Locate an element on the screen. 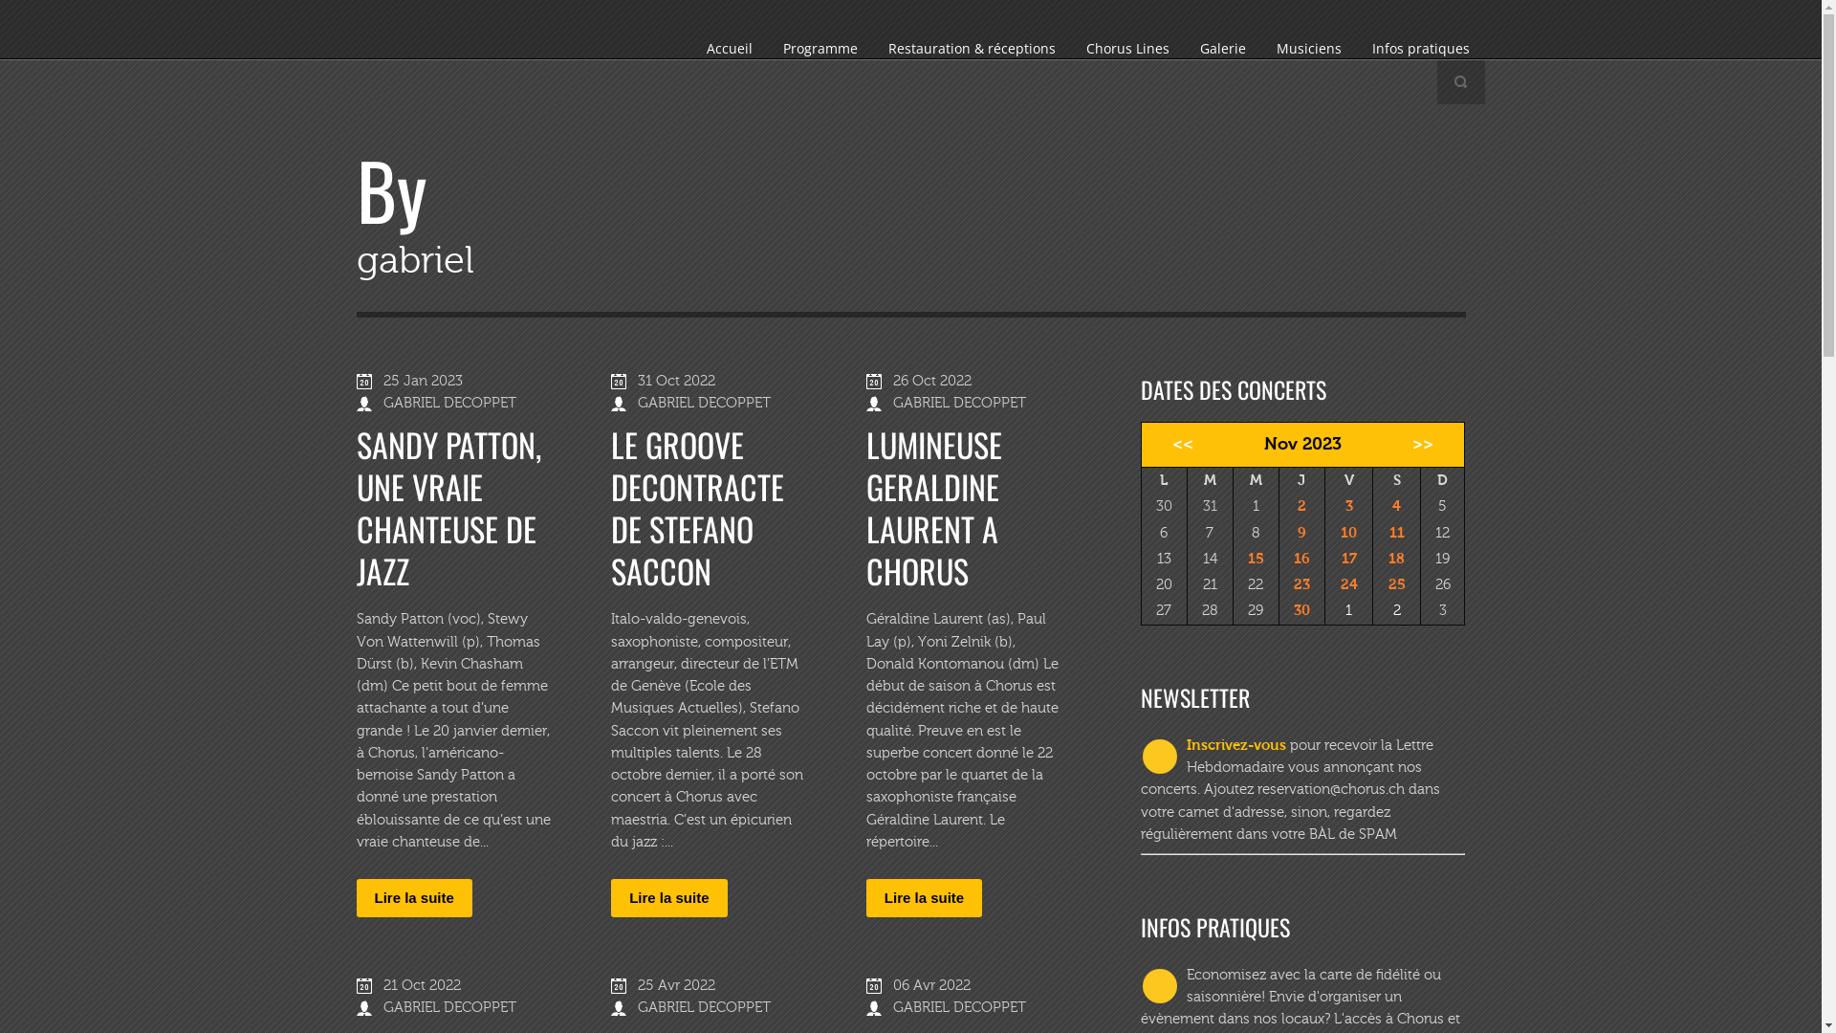  'LUMINEUSE GERALDINE LAURENT A CHORUS' is located at coordinates (934, 505).